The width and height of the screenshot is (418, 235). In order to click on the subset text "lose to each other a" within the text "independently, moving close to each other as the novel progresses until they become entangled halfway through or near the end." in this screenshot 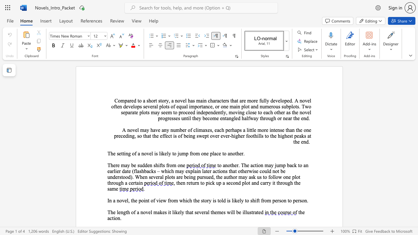, I will do `click(248, 112)`.